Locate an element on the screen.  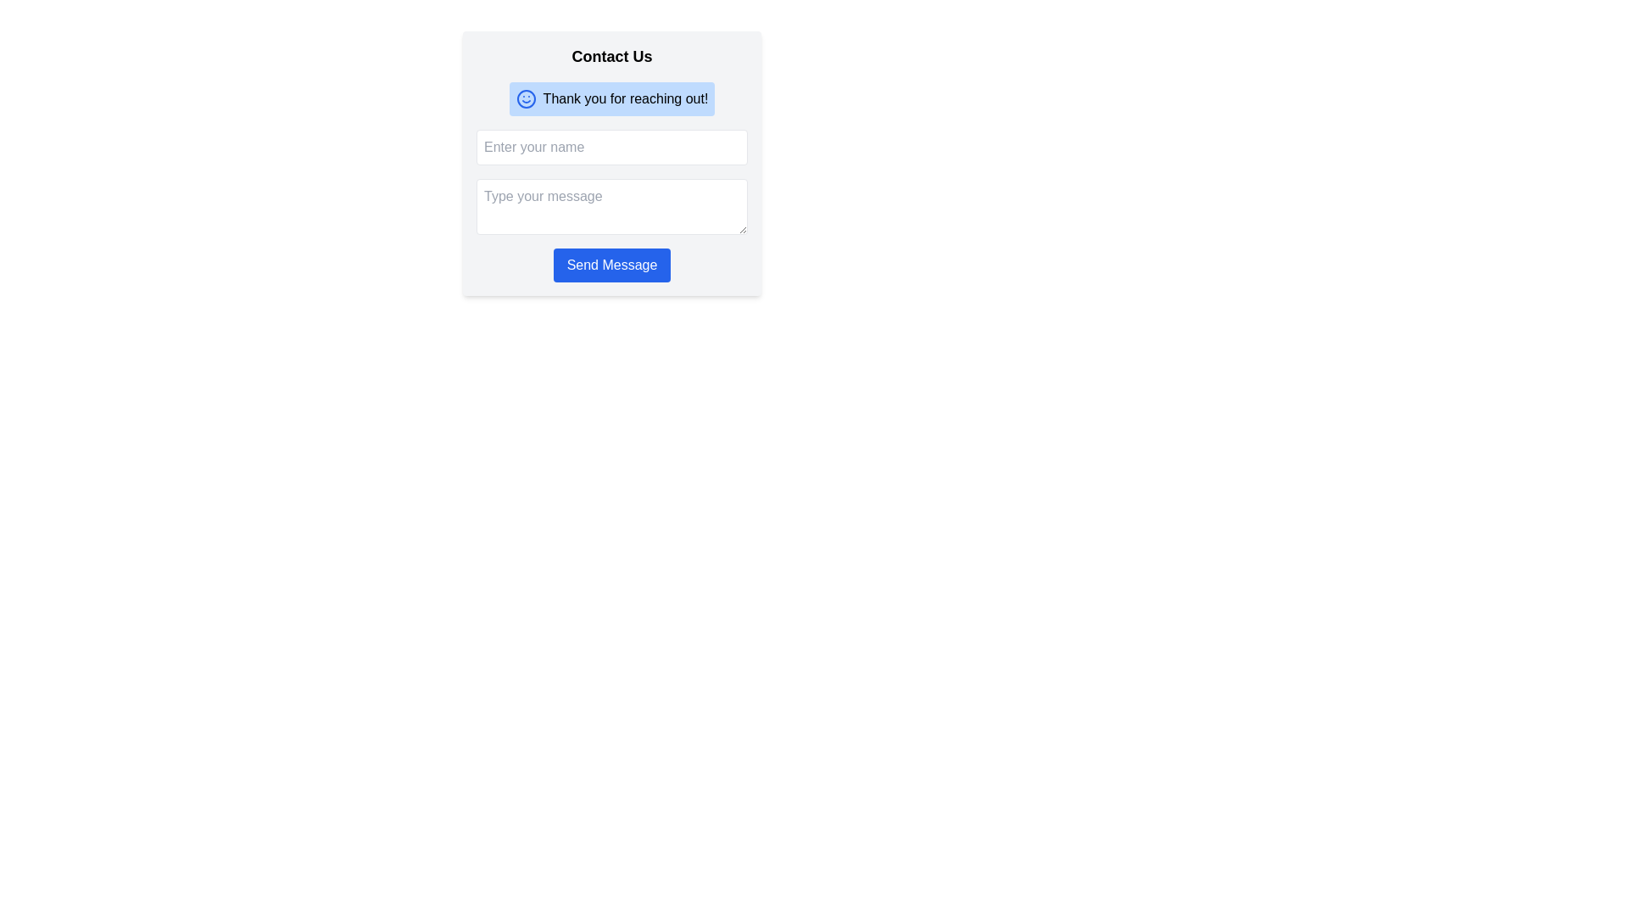
the decorative icon inside the light blue message box that contains the text 'Thank you for reaching out!' is located at coordinates (525, 98).